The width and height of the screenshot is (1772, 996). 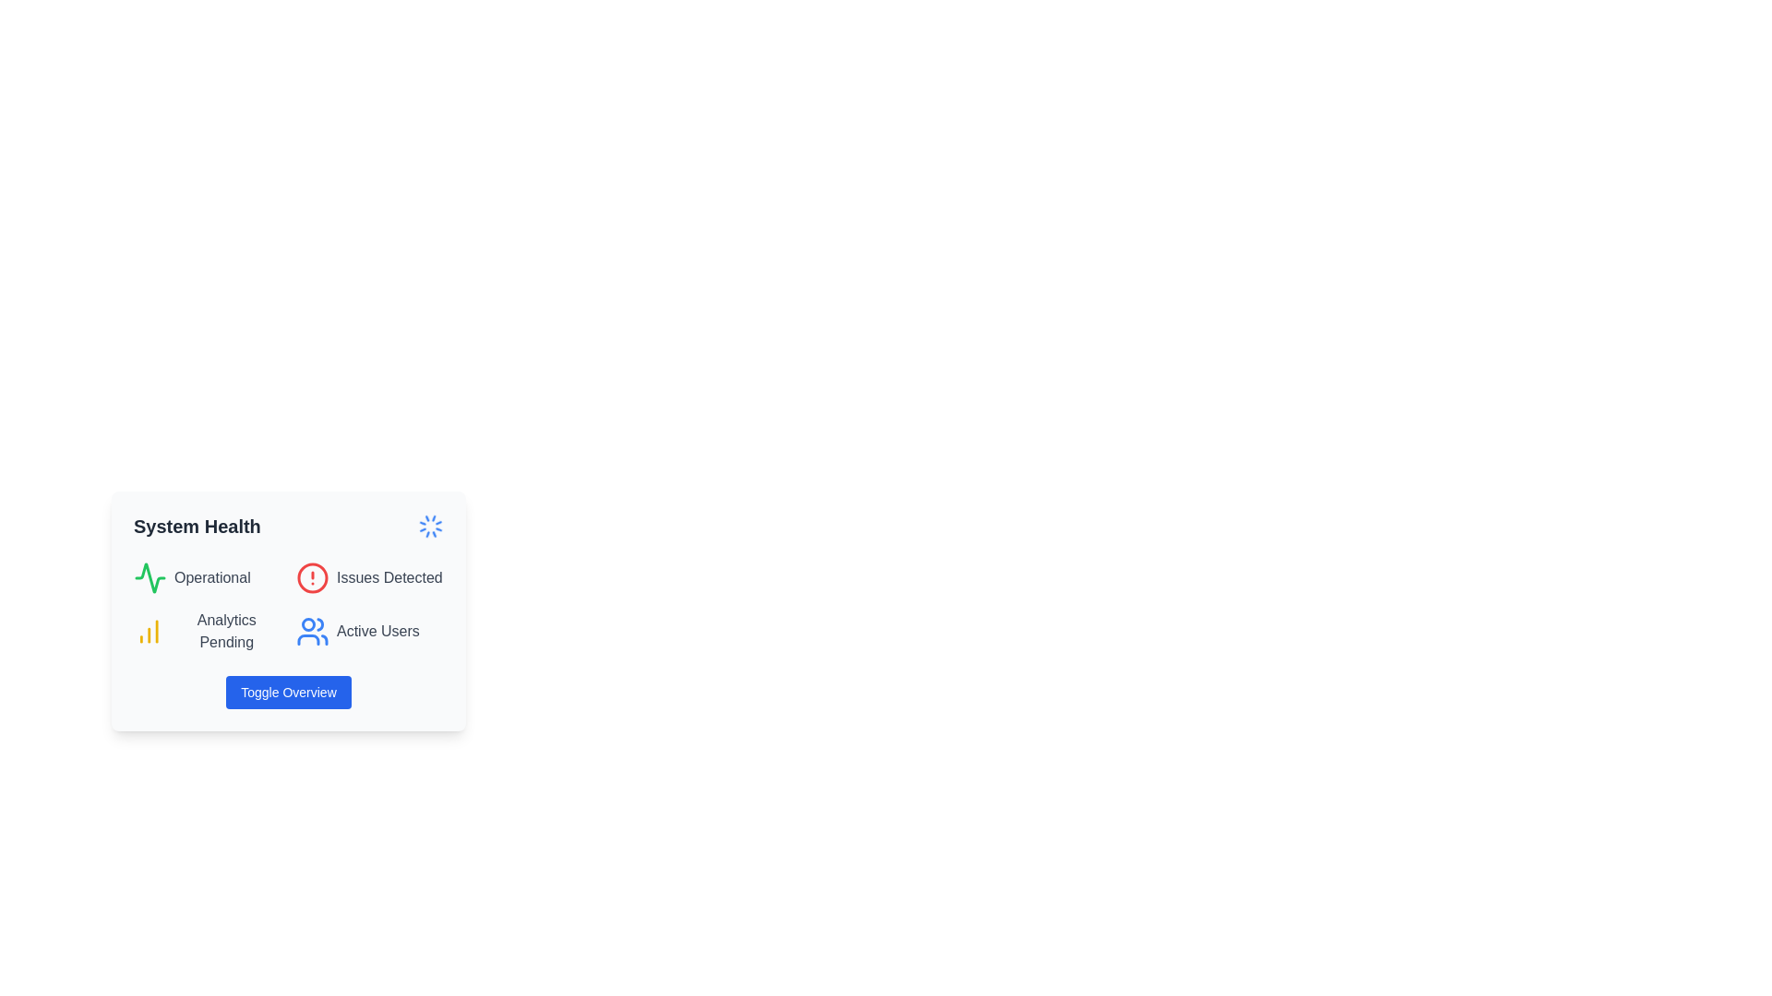 I want to click on the Text label that serves as a title or header for the status overview section, located in the upper part of the user interface, so click(x=197, y=526).